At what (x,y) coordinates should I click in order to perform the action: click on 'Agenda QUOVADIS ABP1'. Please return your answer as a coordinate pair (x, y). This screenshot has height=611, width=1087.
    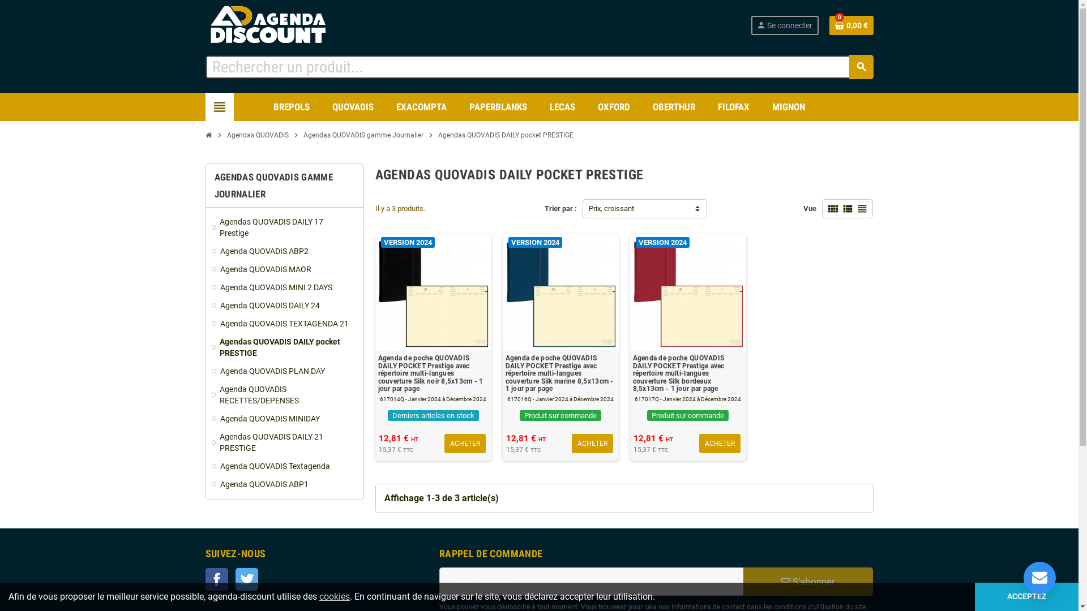
    Looking at the image, I should click on (212, 484).